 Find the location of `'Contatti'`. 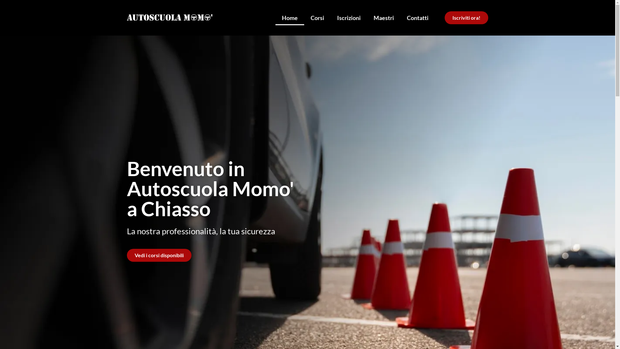

'Contatti' is located at coordinates (418, 17).